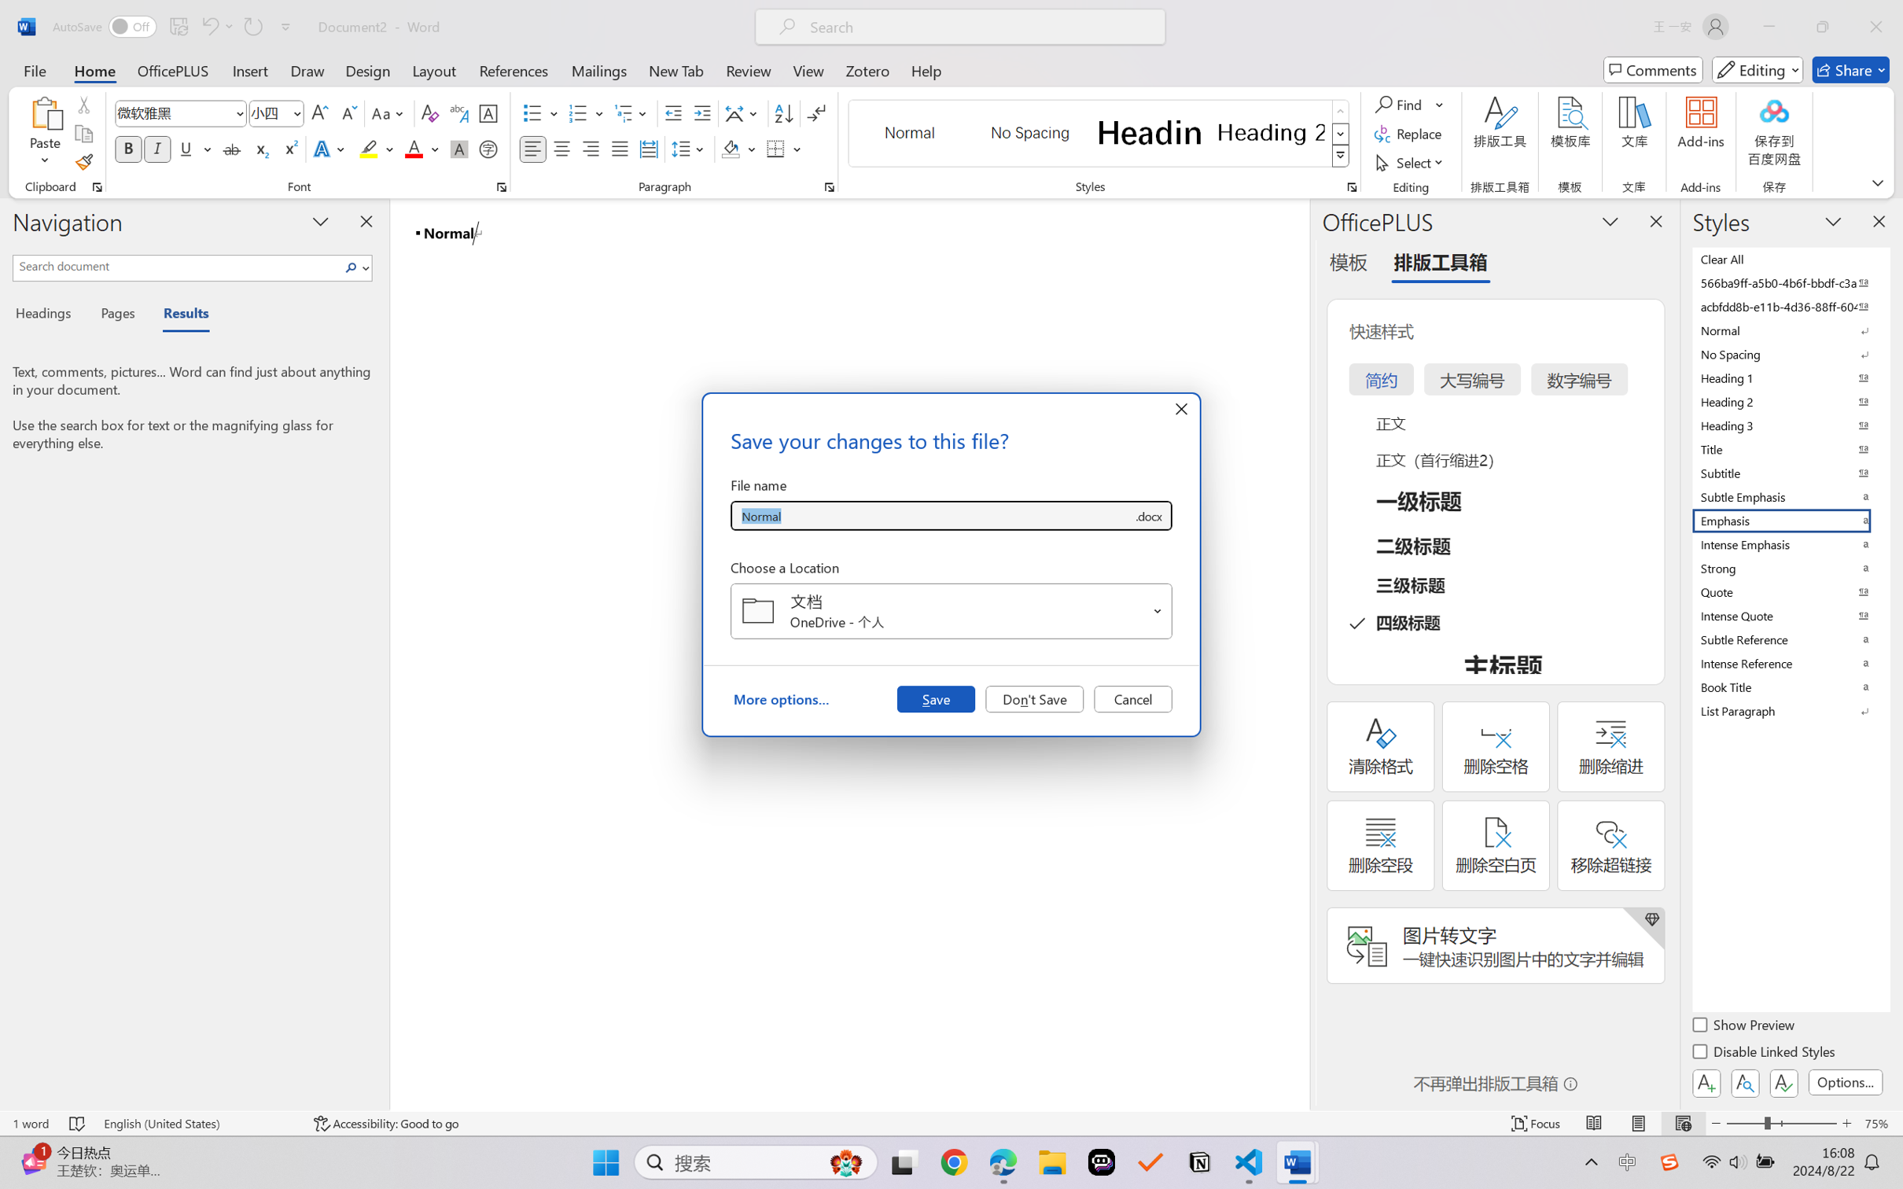 The height and width of the screenshot is (1189, 1903). I want to click on 'Title', so click(1789, 448).